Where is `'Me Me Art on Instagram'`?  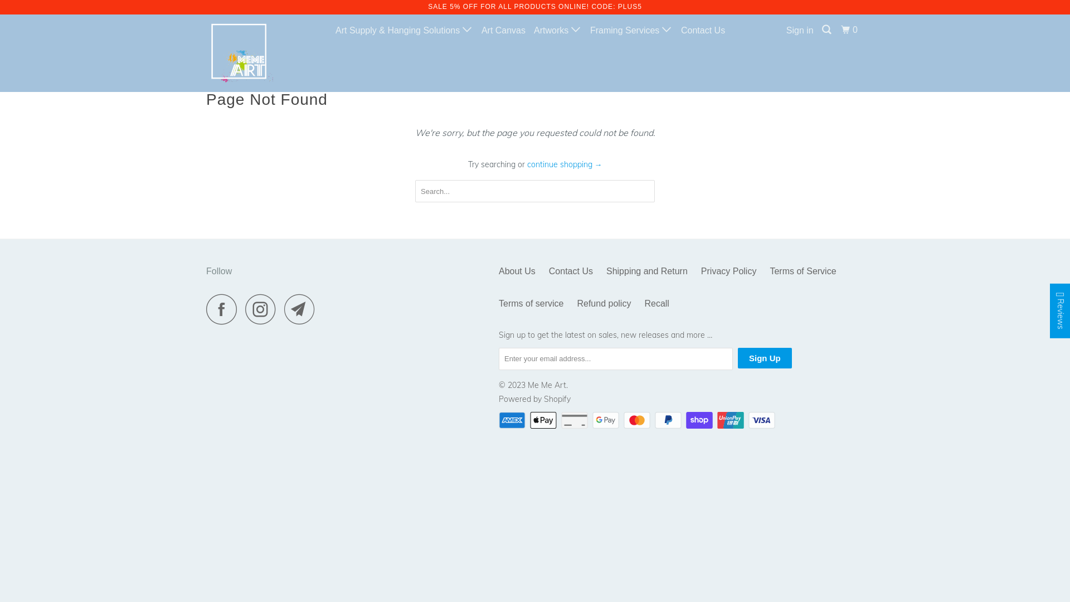
'Me Me Art on Instagram' is located at coordinates (263, 309).